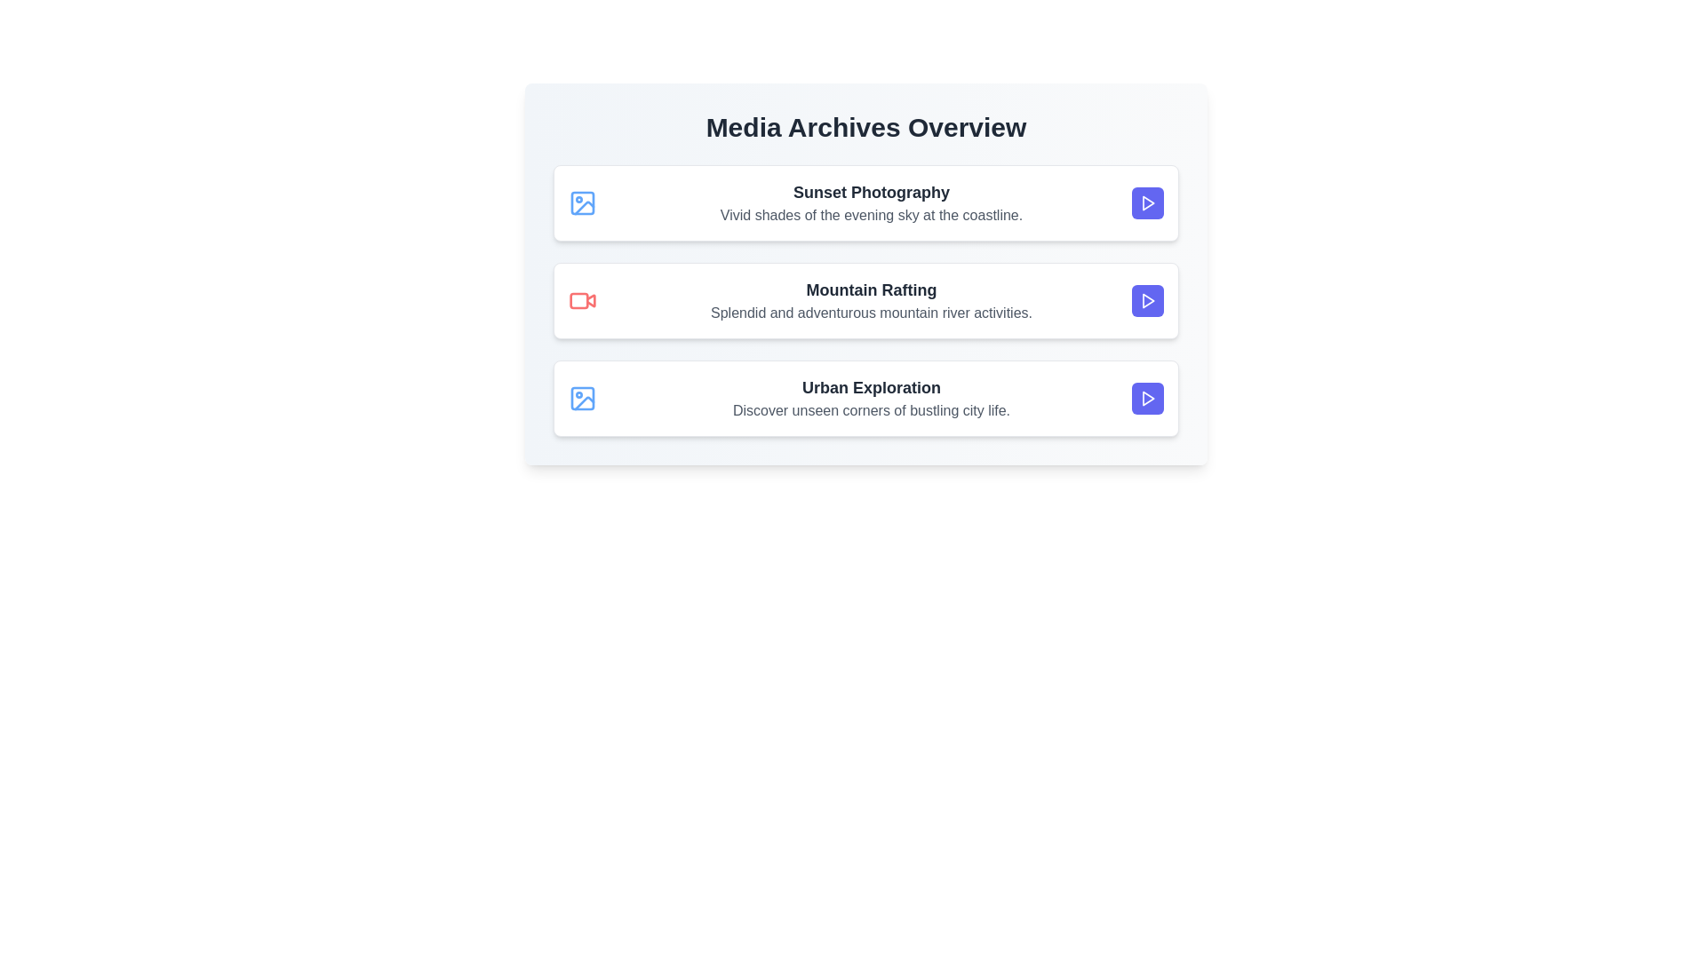 The image size is (1706, 959). Describe the element at coordinates (865, 300) in the screenshot. I see `the media item corresponding to Mountain Rafting` at that location.